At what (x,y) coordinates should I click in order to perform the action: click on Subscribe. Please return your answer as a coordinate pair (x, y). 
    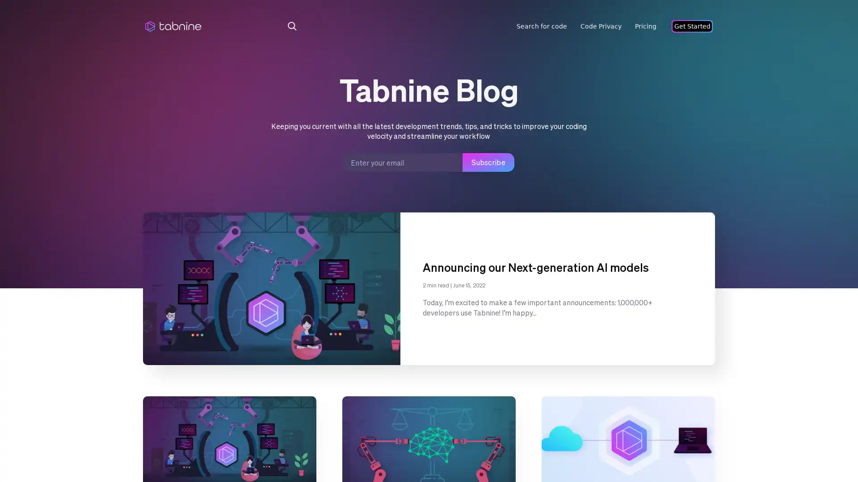
    Looking at the image, I should click on (488, 162).